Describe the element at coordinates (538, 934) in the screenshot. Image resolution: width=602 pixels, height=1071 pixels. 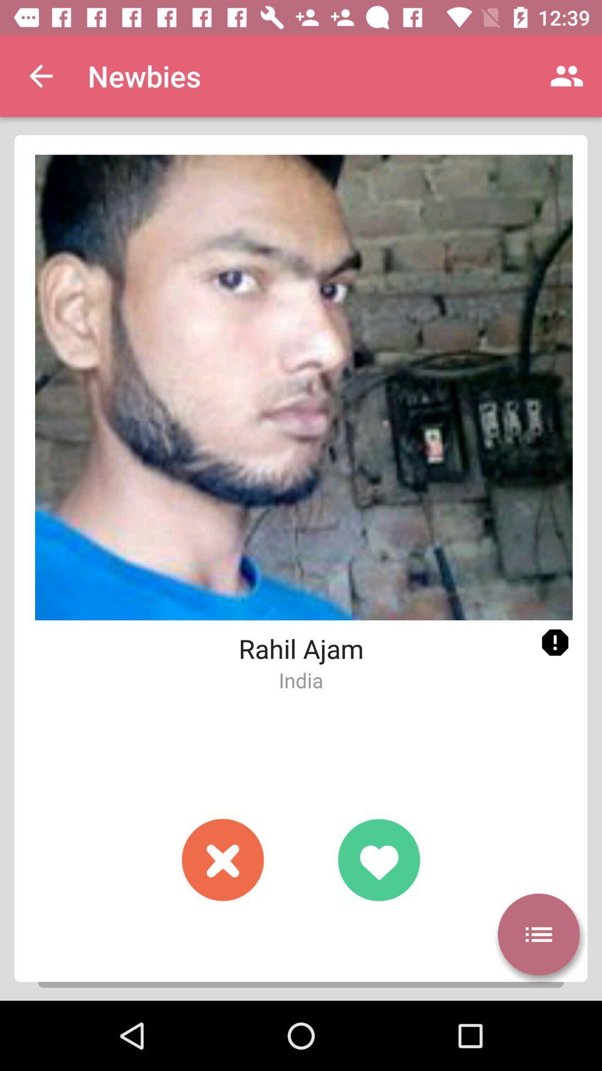
I see `menu` at that location.